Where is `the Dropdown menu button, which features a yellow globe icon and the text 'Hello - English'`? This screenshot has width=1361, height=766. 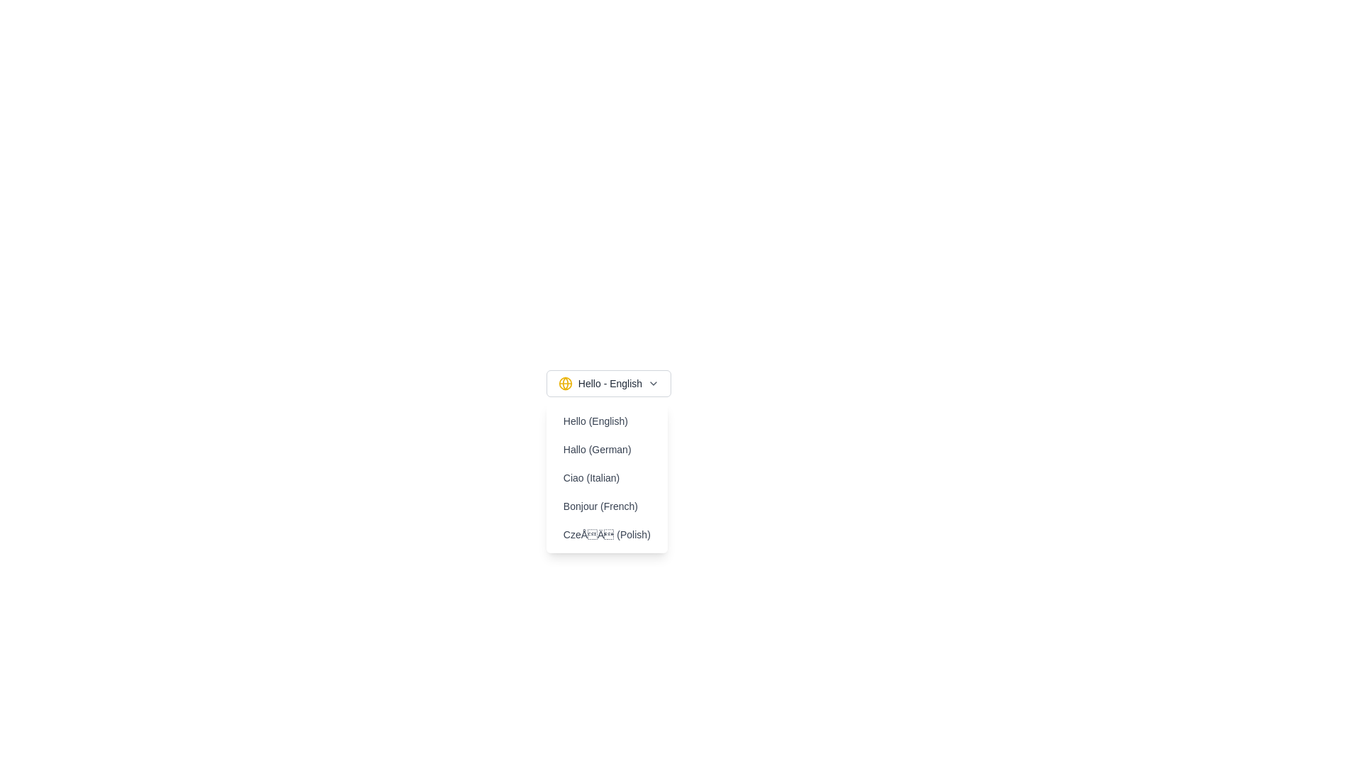 the Dropdown menu button, which features a yellow globe icon and the text 'Hello - English' is located at coordinates (609, 383).